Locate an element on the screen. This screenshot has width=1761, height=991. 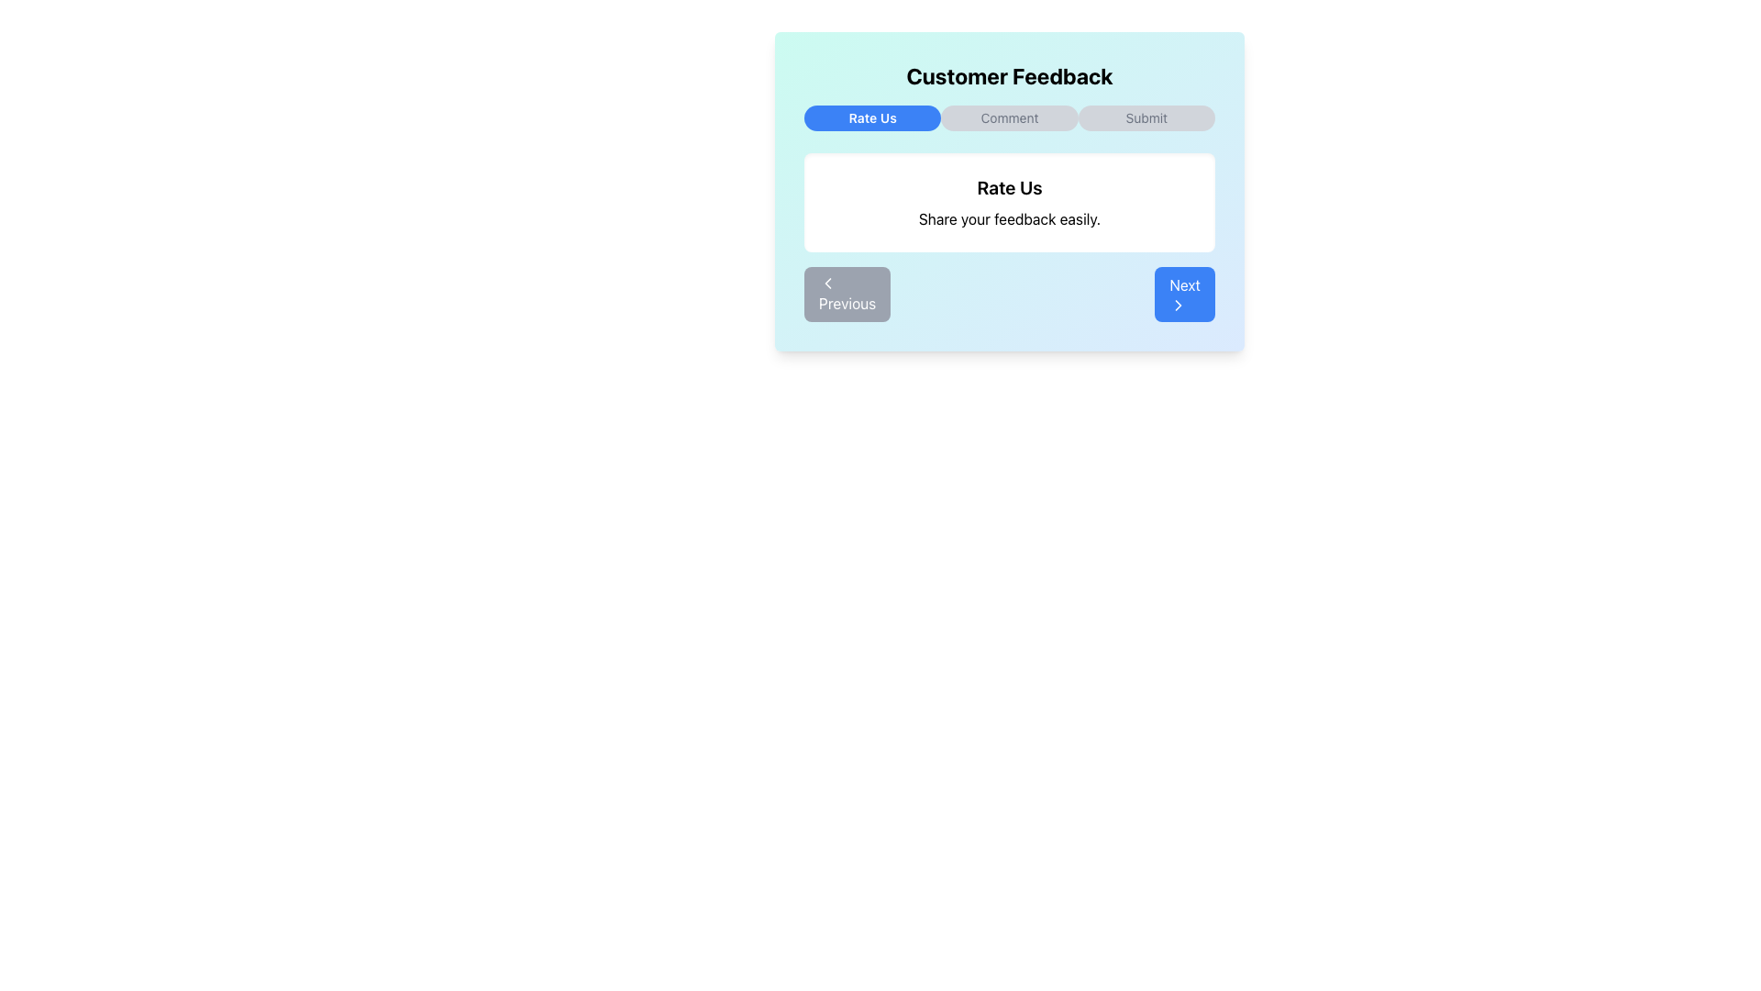
the 'Comment' button in the button group located beneath the 'Customer Feedback' title is located at coordinates (1008, 117).